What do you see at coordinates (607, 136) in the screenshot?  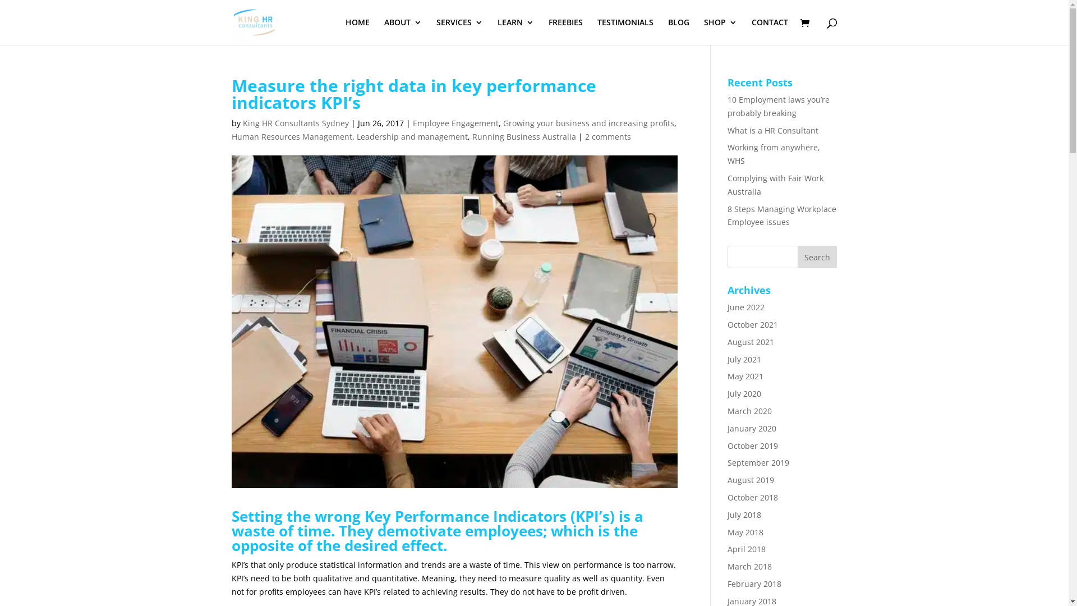 I see `'2 comments'` at bounding box center [607, 136].